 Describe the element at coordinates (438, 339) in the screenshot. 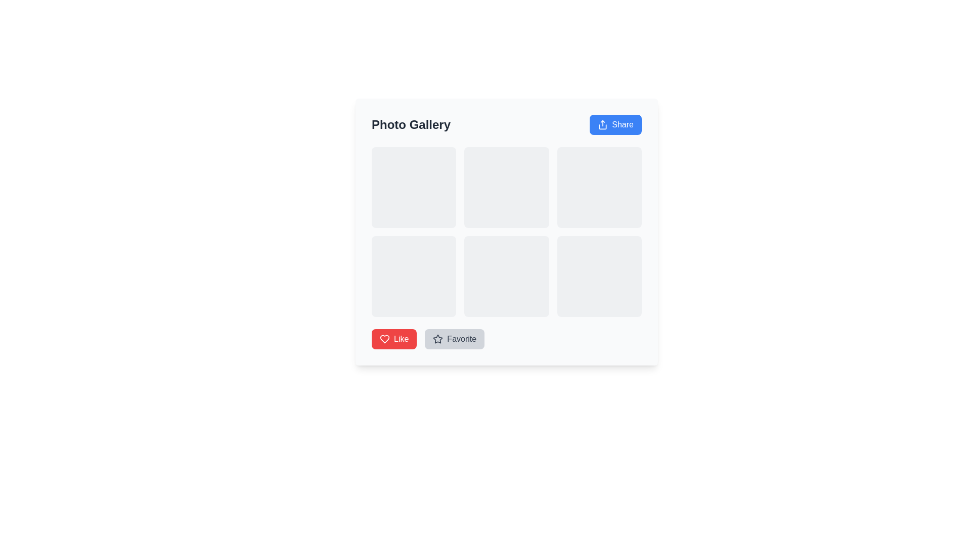

I see `the star icon in the bottom-right corner of the photo gallery interface` at that location.